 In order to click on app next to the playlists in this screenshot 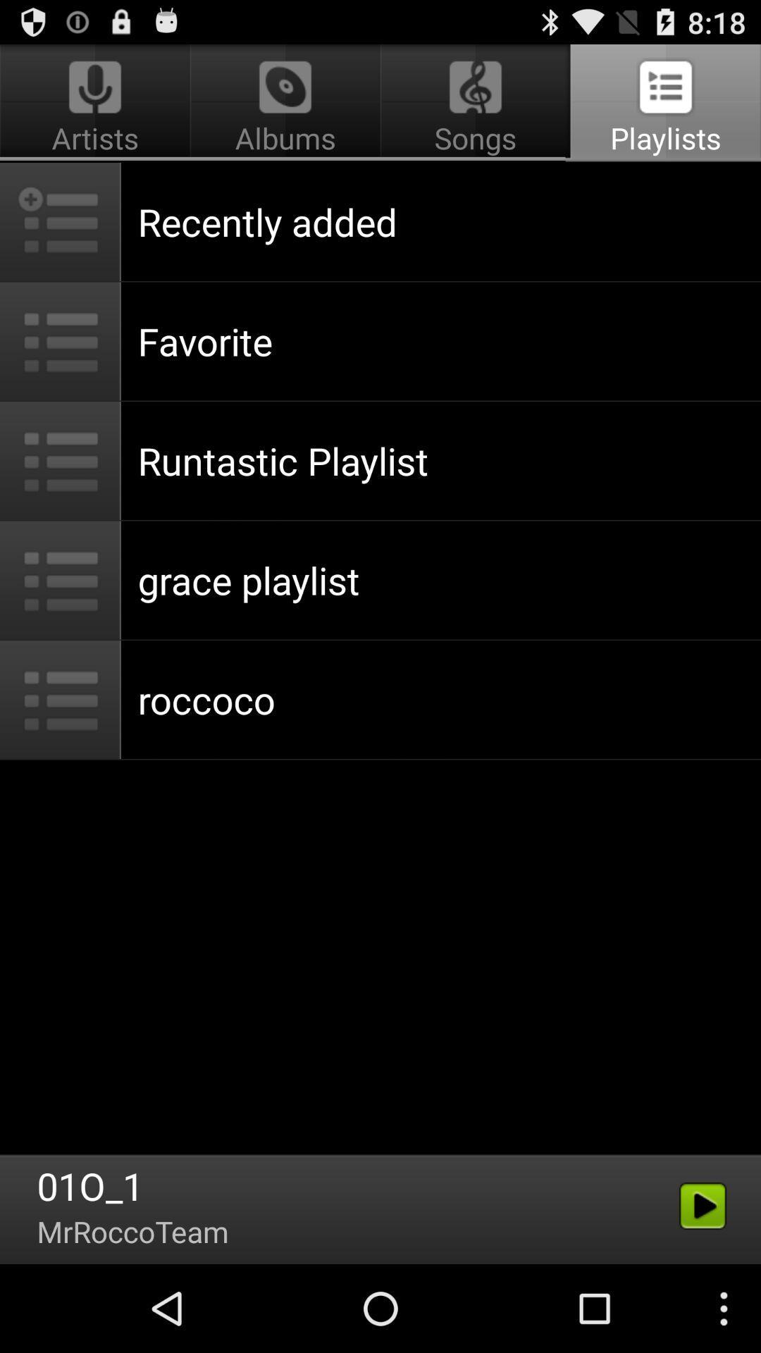, I will do `click(285, 103)`.